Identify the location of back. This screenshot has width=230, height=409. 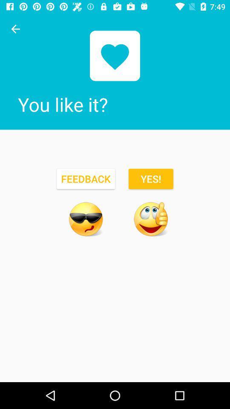
(15, 29).